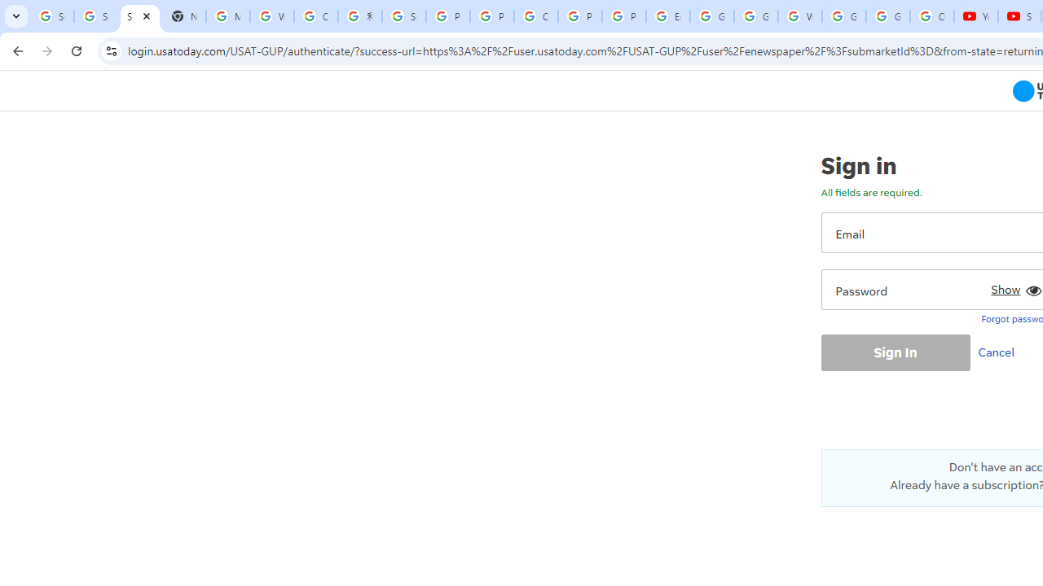 Image resolution: width=1043 pixels, height=586 pixels. I want to click on 'Who is my administrator? - Google Account Help', so click(272, 16).